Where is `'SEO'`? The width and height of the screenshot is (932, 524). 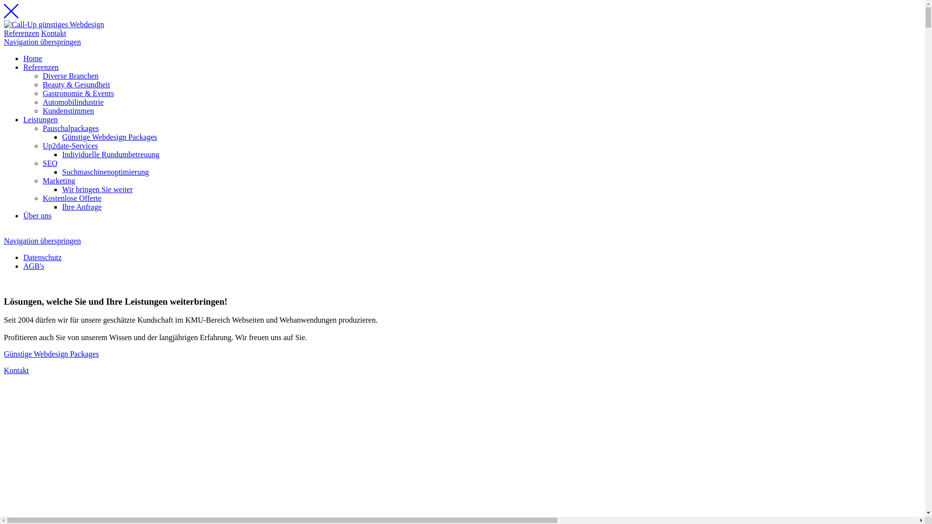 'SEO' is located at coordinates (49, 163).